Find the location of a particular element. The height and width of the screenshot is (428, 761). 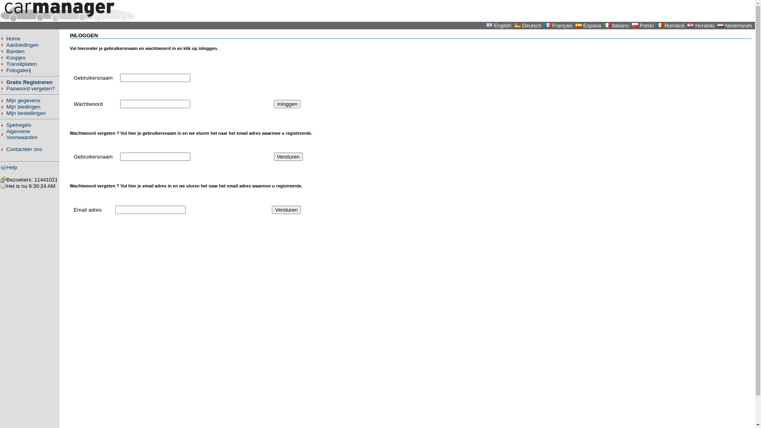

'Spelregels' is located at coordinates (19, 125).